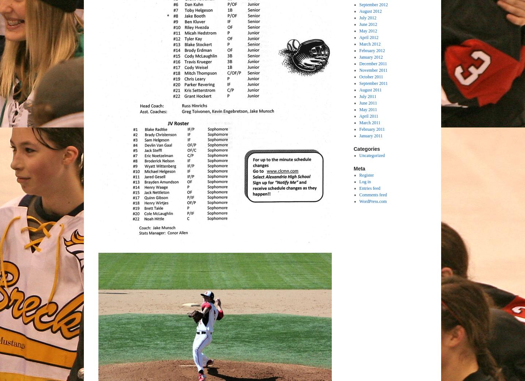 This screenshot has width=525, height=381. I want to click on 'November 2011', so click(358, 70).